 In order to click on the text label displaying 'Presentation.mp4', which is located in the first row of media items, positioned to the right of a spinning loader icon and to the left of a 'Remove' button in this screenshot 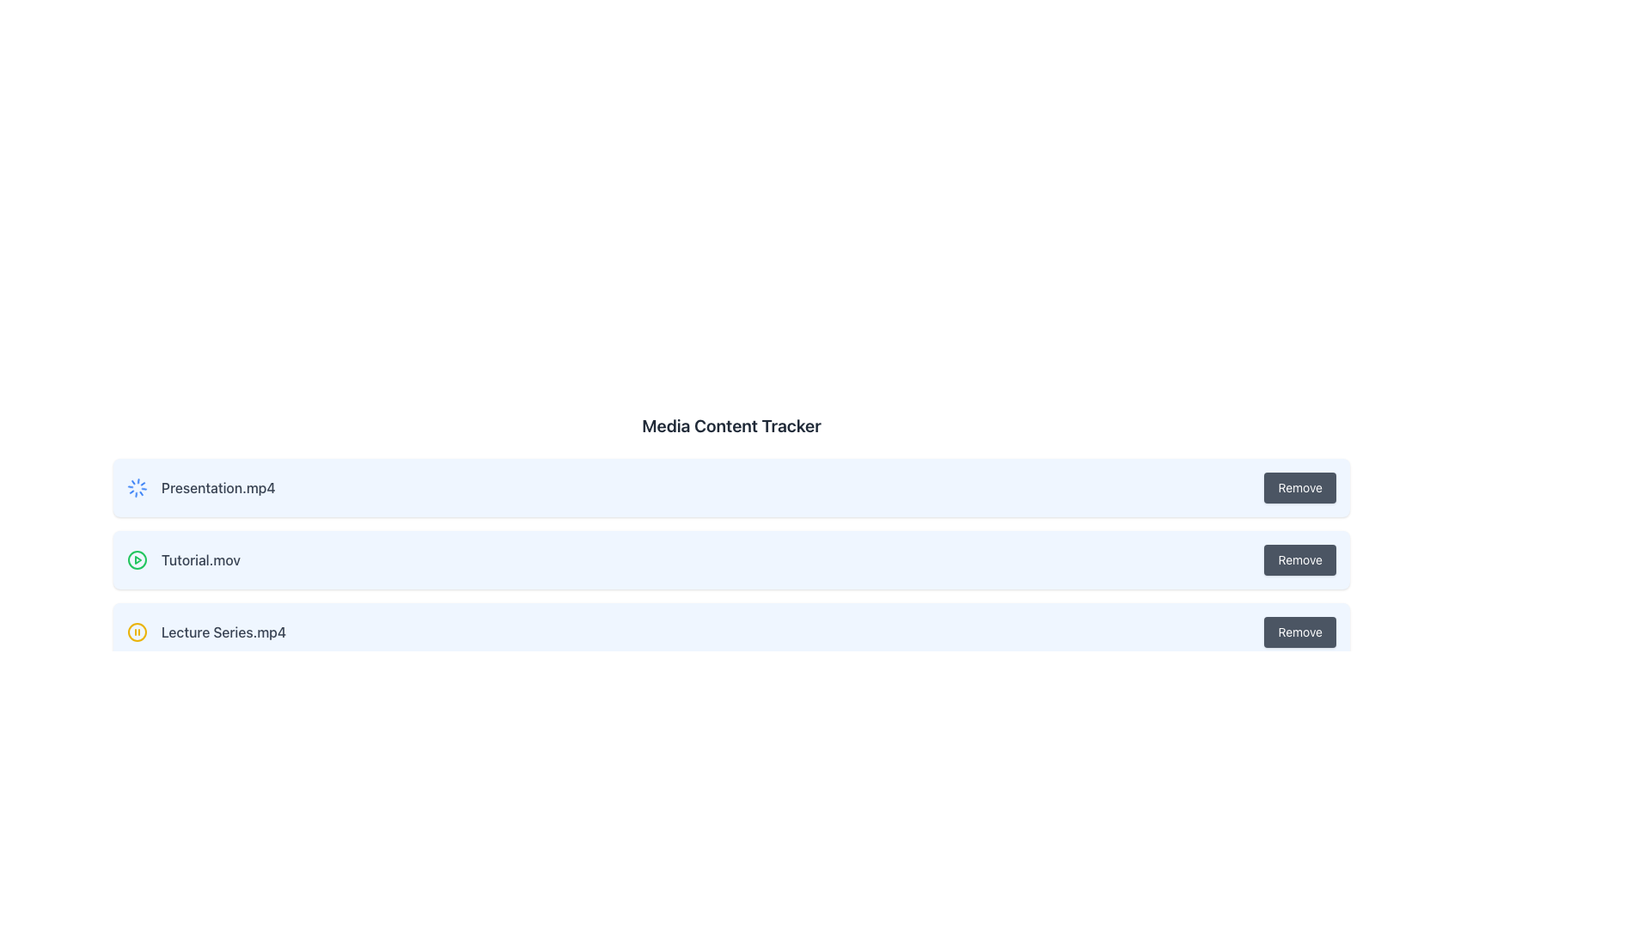, I will do `click(217, 487)`.